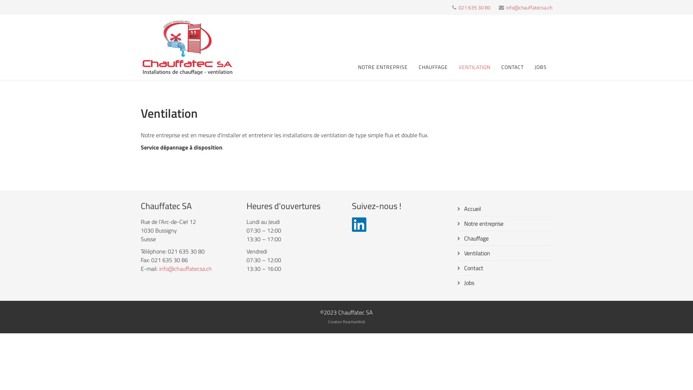 The height and width of the screenshot is (390, 693). Describe the element at coordinates (505, 238) in the screenshot. I see `'Chauffage'` at that location.